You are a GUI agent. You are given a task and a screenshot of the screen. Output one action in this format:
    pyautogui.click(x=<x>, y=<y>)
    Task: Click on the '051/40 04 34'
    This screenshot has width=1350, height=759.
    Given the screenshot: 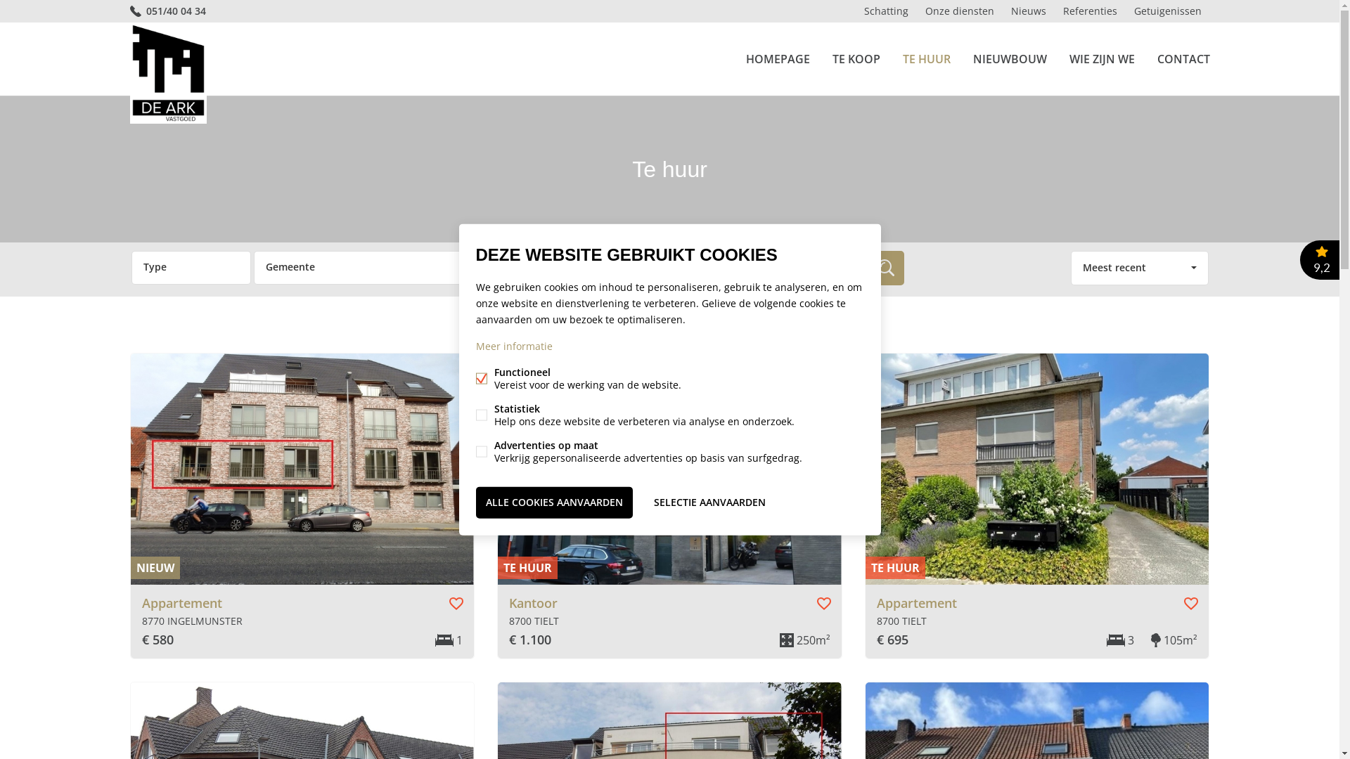 What is the action you would take?
    pyautogui.click(x=129, y=11)
    